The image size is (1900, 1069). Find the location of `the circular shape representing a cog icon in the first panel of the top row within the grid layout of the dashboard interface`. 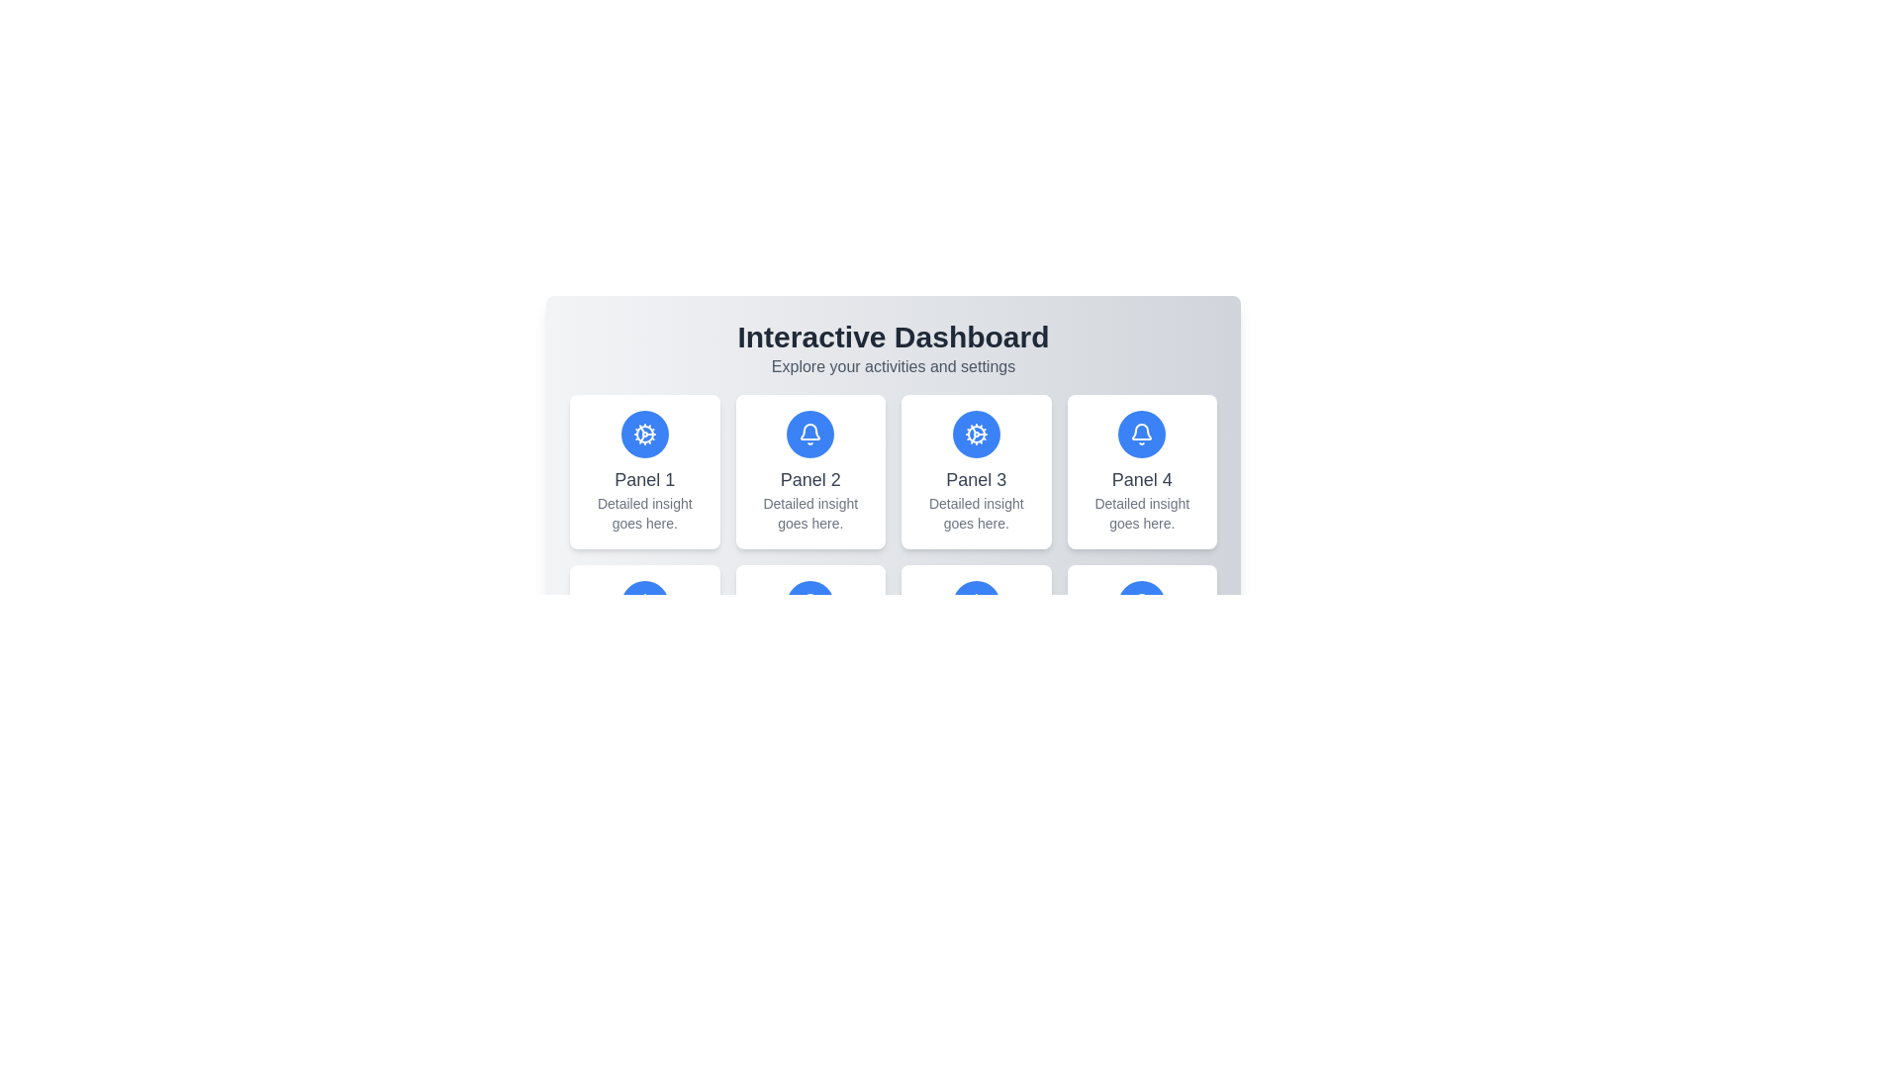

the circular shape representing a cog icon in the first panel of the top row within the grid layout of the dashboard interface is located at coordinates (644, 603).